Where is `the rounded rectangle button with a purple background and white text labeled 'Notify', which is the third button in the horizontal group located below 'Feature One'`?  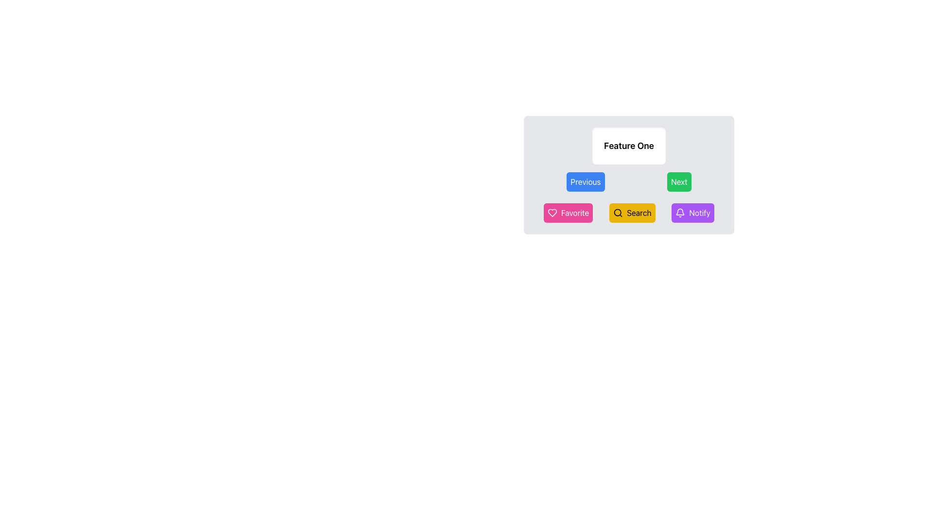 the rounded rectangle button with a purple background and white text labeled 'Notify', which is the third button in the horizontal group located below 'Feature One' is located at coordinates (692, 213).